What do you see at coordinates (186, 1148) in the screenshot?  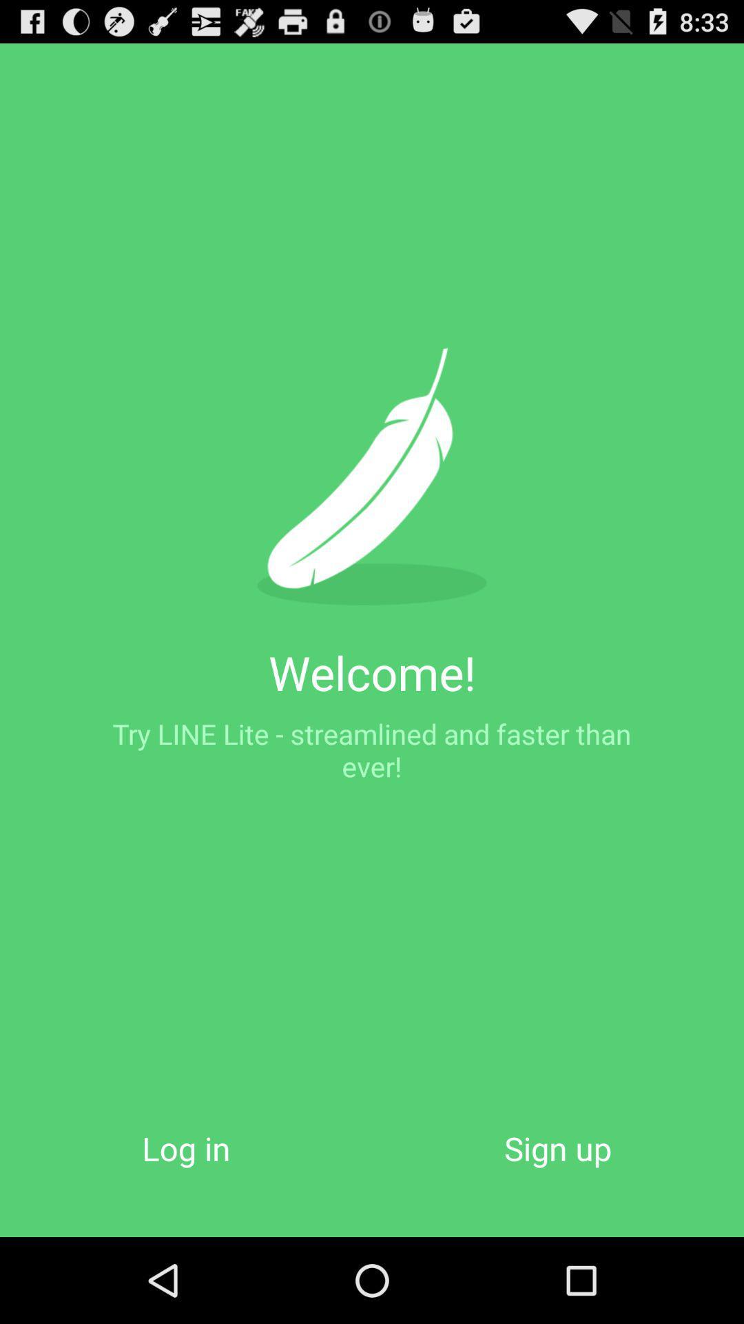 I see `the item to the left of sign up button` at bounding box center [186, 1148].